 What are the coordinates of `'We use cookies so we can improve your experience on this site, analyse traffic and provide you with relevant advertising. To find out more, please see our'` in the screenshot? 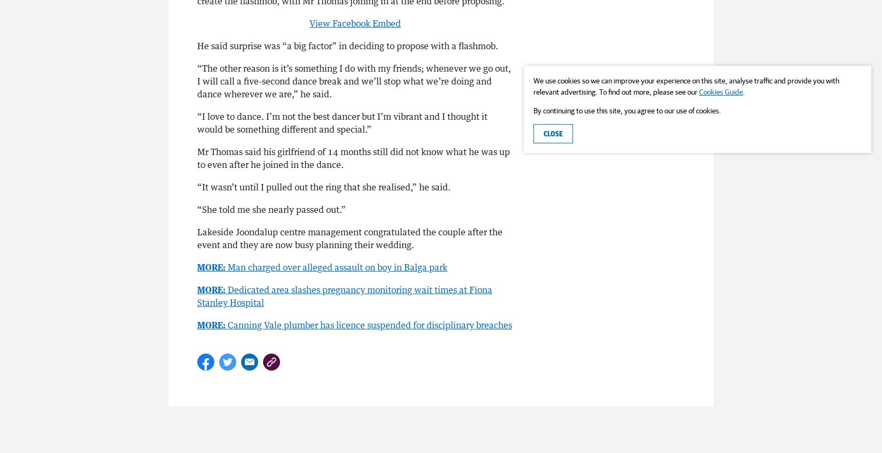 It's located at (686, 85).